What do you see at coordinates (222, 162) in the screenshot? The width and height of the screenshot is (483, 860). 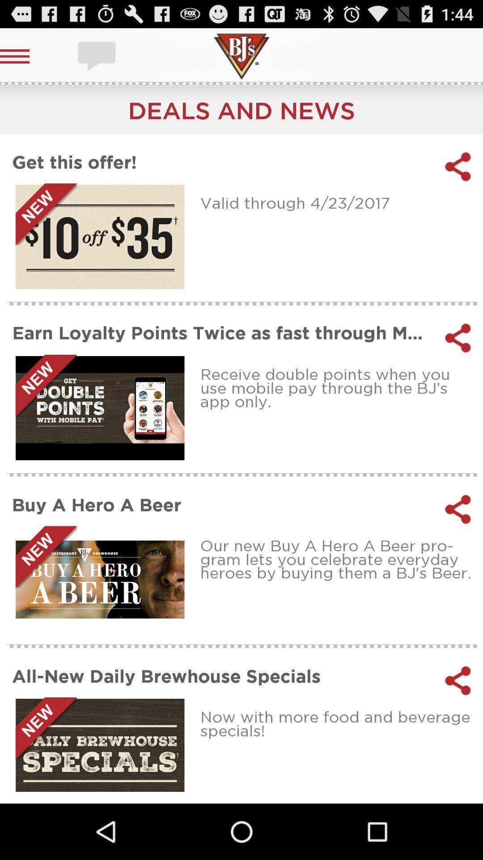 I see `the get this offer! icon` at bounding box center [222, 162].